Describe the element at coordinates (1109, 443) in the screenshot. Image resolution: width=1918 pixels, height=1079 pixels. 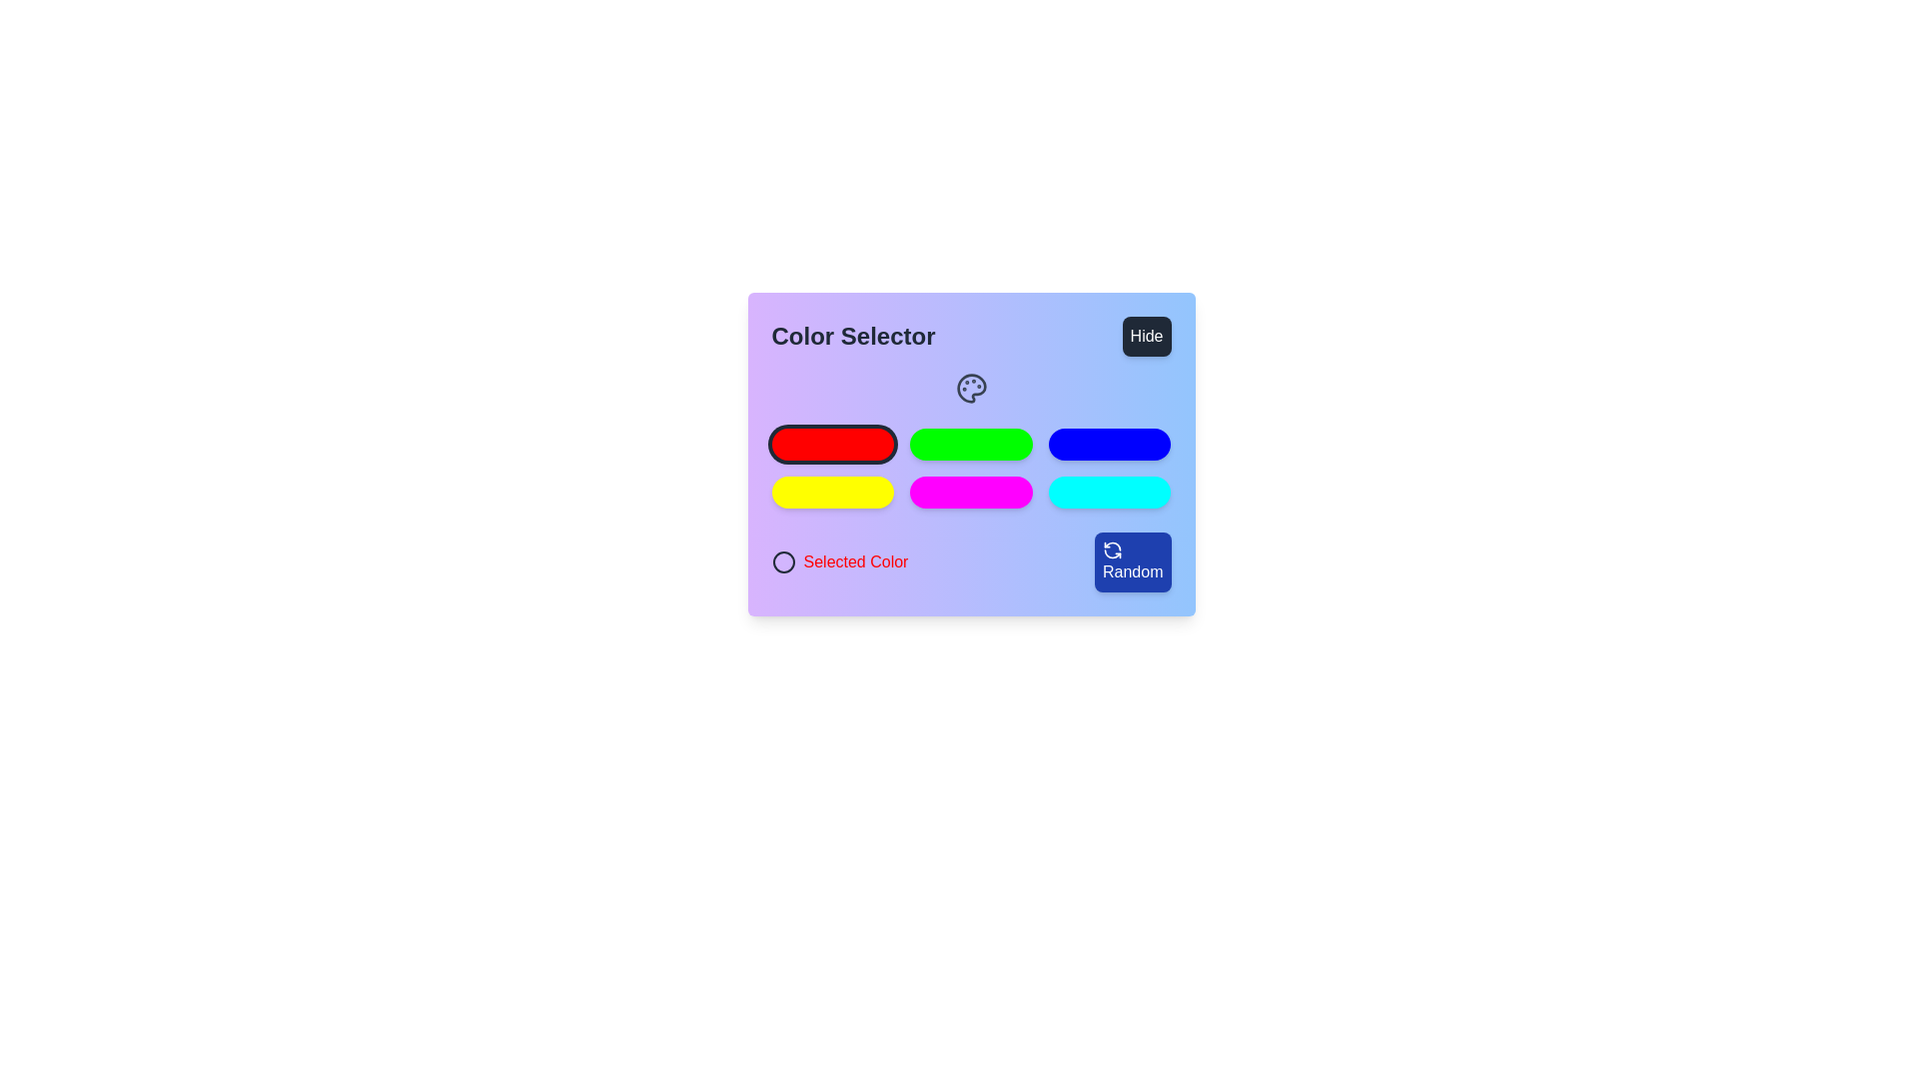
I see `the blue rounded rectangular button located in the first row, third column of the grid` at that location.